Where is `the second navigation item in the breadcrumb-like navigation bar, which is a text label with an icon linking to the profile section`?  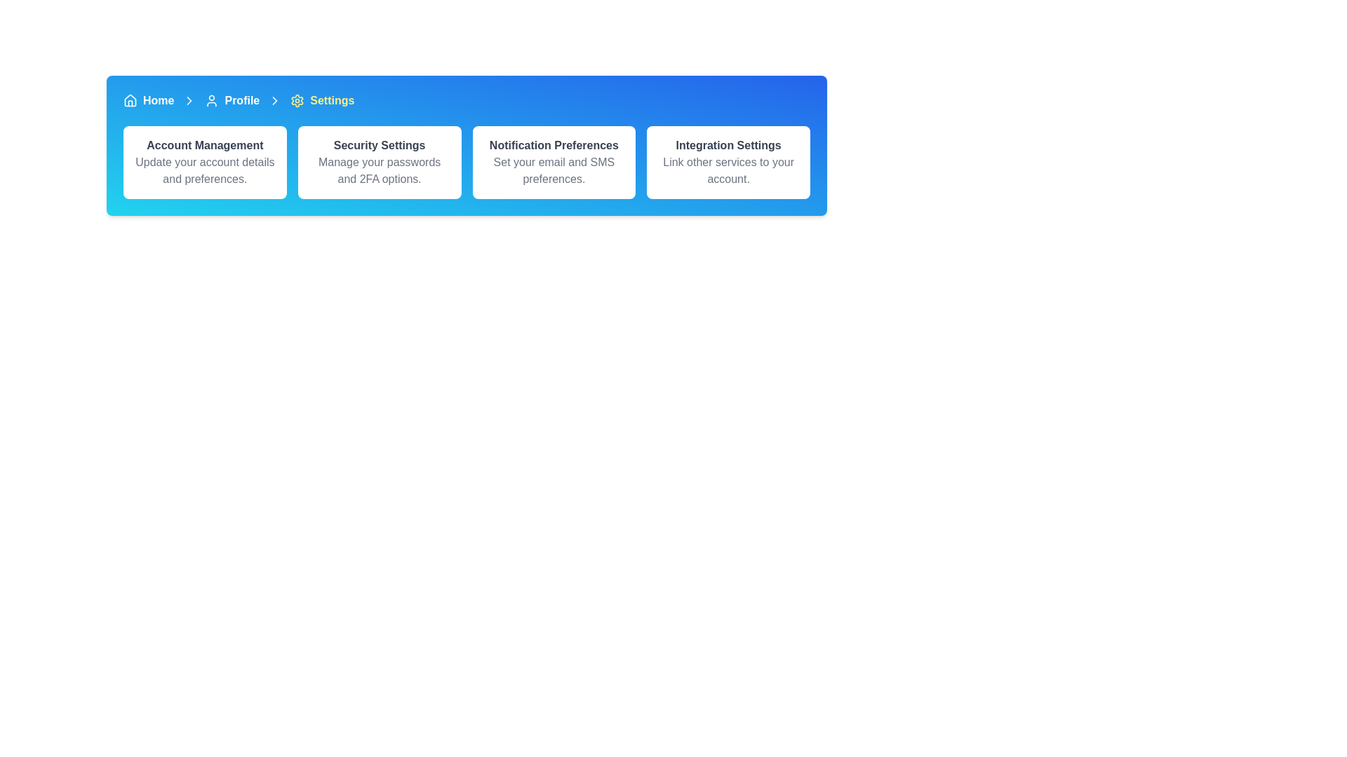 the second navigation item in the breadcrumb-like navigation bar, which is a text label with an icon linking to the profile section is located at coordinates (232, 100).